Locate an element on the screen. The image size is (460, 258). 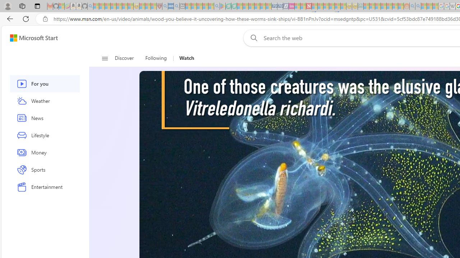
'utah sues federal government - Search - Sleeping' is located at coordinates (176, 6).